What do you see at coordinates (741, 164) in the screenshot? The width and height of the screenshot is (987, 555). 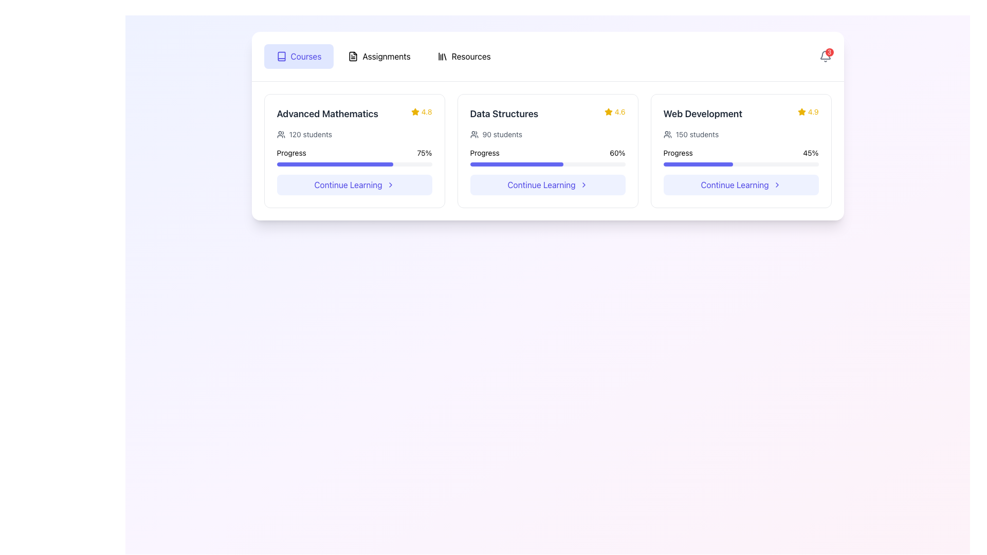 I see `the progress level of the Progress Bar located at the bottom of the 'Web Development' card, beneath the 'Progress' text and aligned centrally with the '45%' label` at bounding box center [741, 164].